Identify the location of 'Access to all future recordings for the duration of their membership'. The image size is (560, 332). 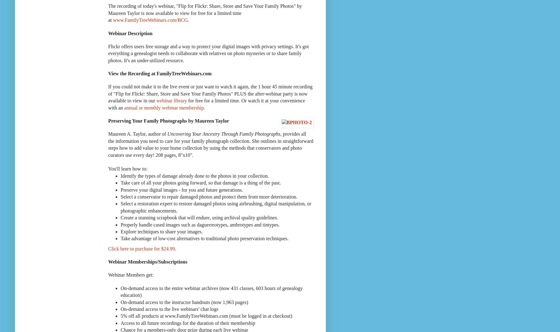
(187, 323).